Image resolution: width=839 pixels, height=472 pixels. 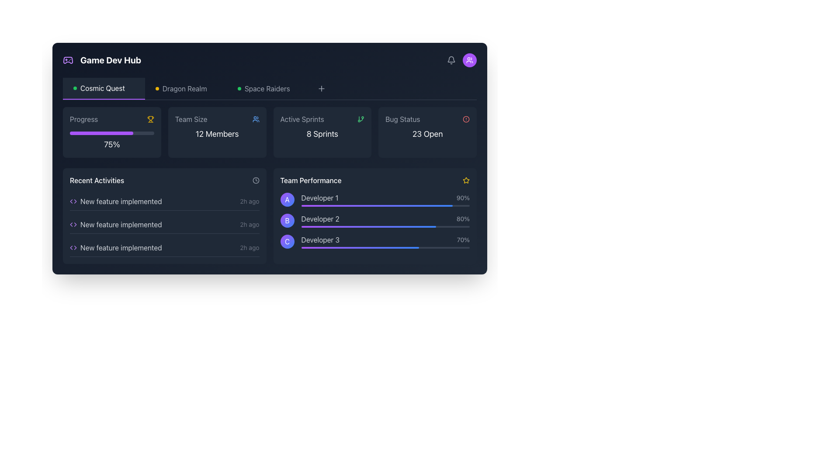 I want to click on the interactive progress bar for 'Developer 1 90%' to view details, so click(x=385, y=199).